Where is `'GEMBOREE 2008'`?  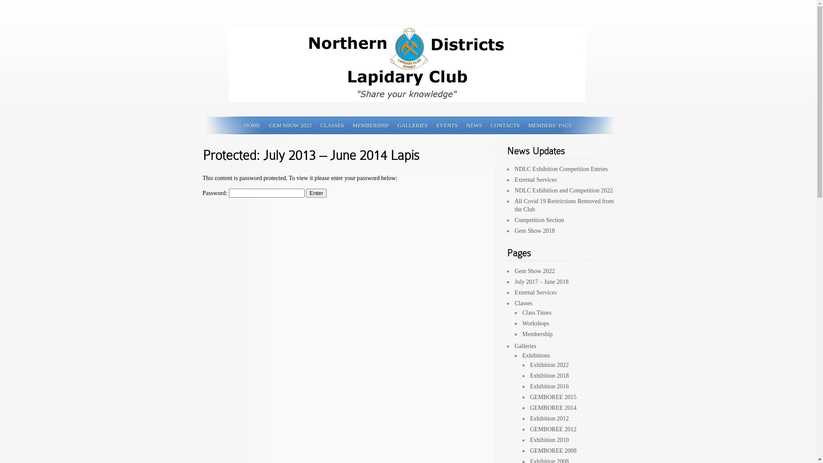 'GEMBOREE 2008' is located at coordinates (553, 450).